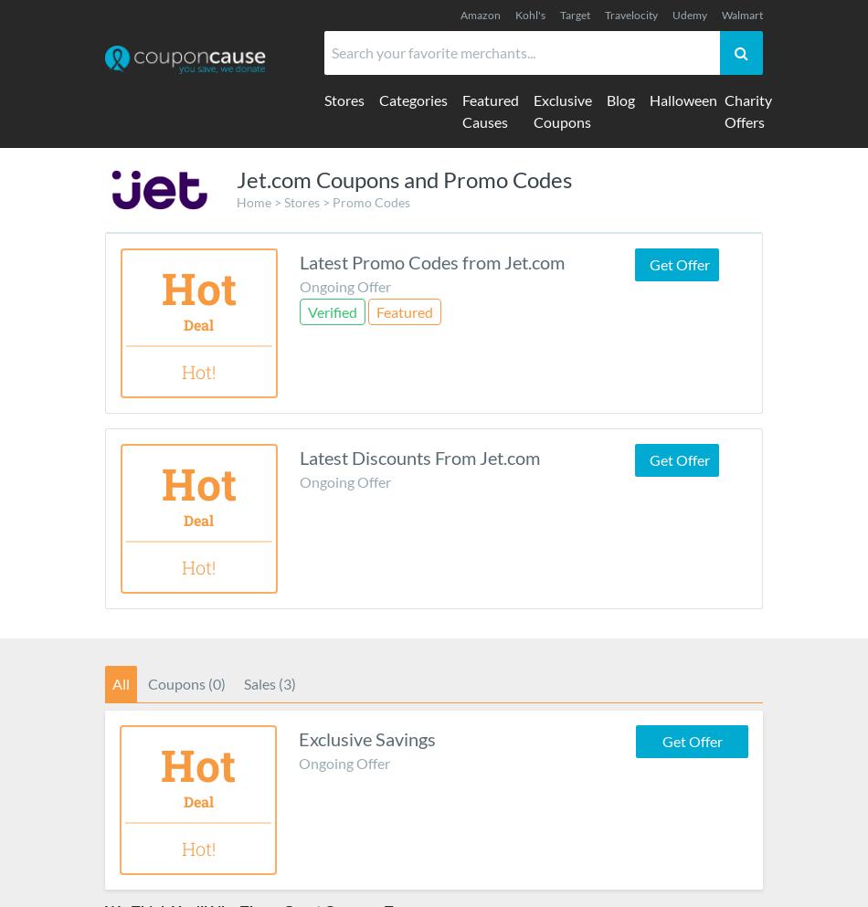  What do you see at coordinates (412, 99) in the screenshot?
I see `'Categories'` at bounding box center [412, 99].